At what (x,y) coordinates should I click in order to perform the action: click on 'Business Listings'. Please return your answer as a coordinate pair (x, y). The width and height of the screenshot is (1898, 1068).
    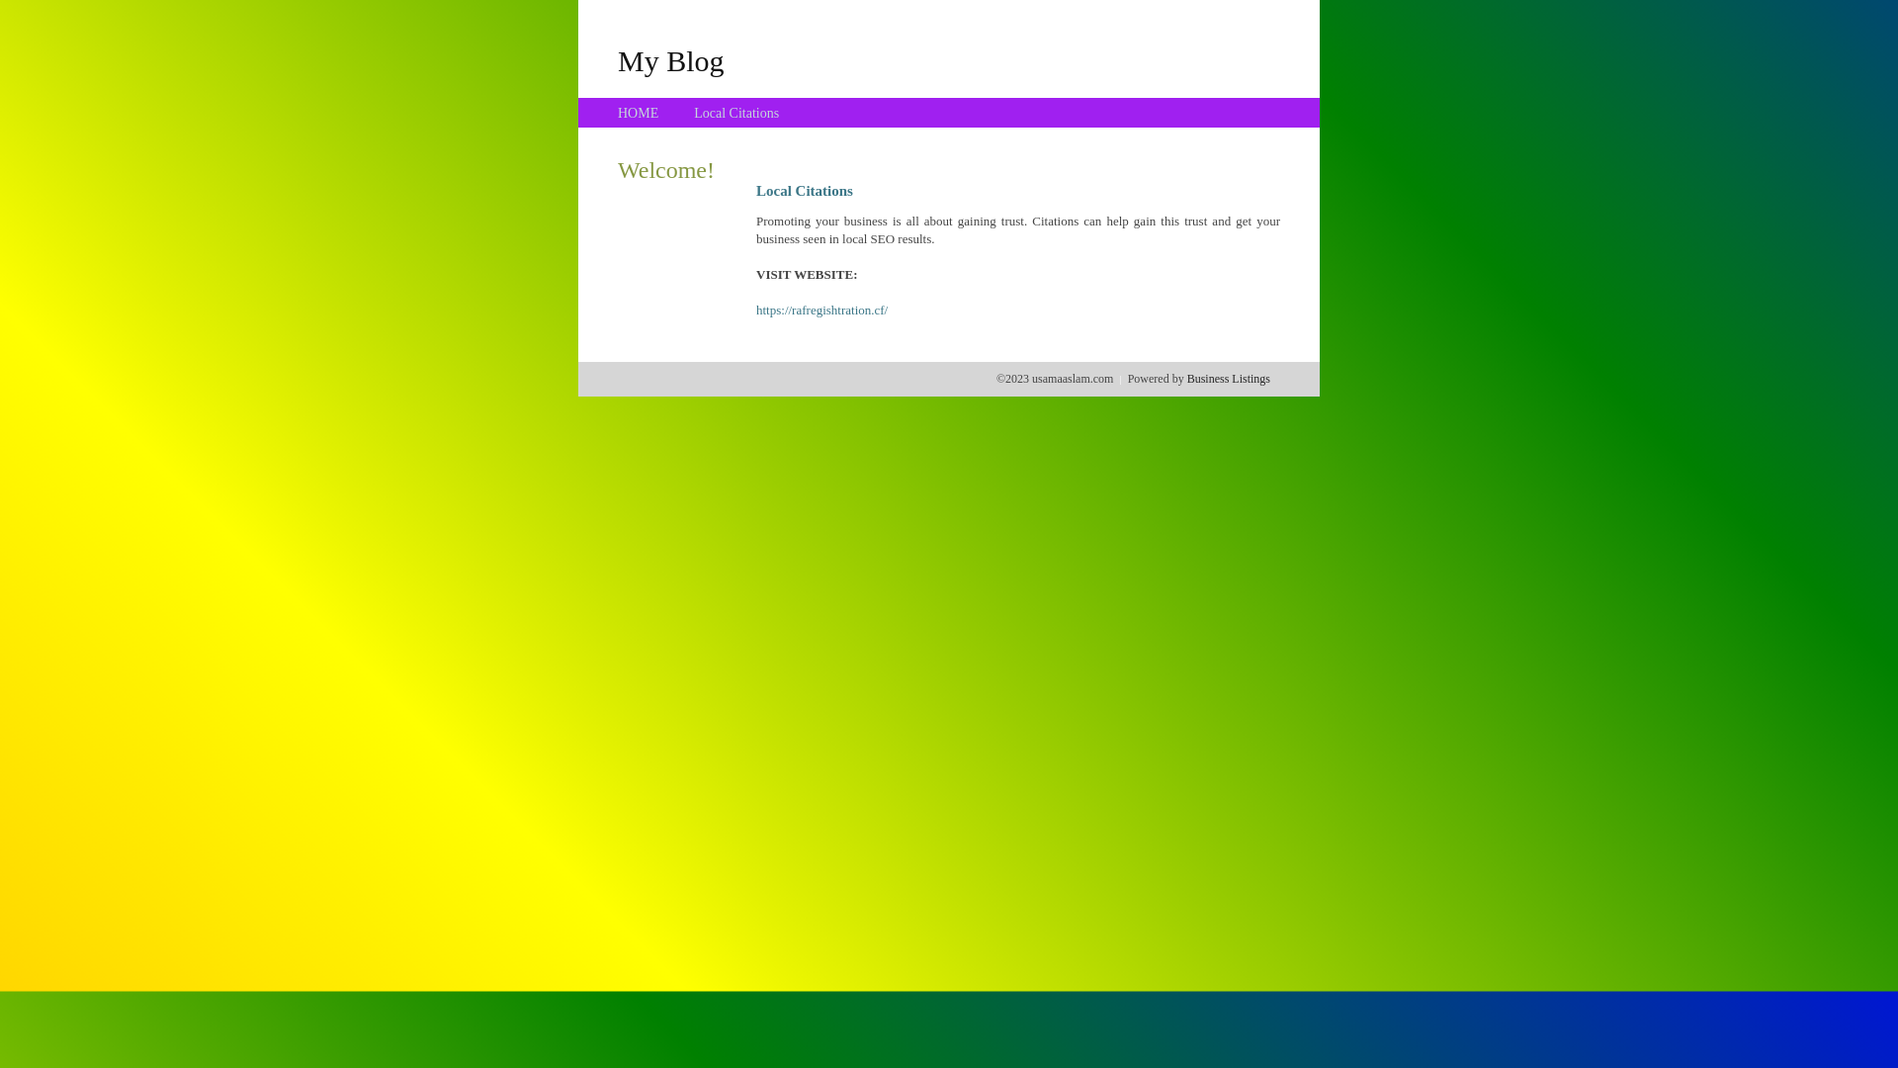
    Looking at the image, I should click on (1228, 378).